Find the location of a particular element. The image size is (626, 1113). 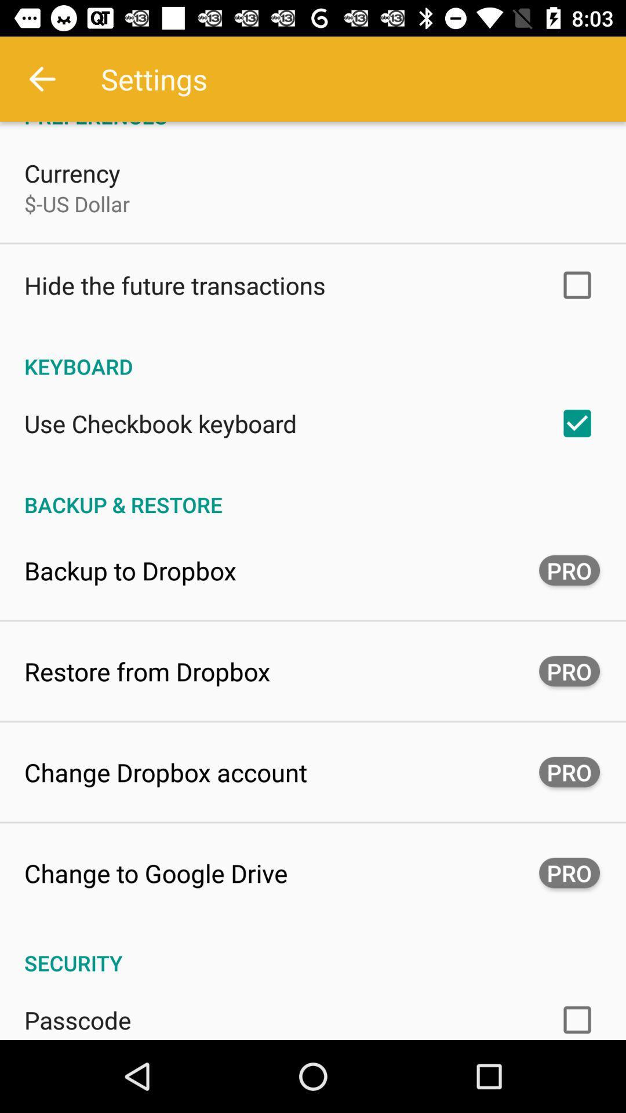

icon below the change dropbox account app is located at coordinates (155, 873).